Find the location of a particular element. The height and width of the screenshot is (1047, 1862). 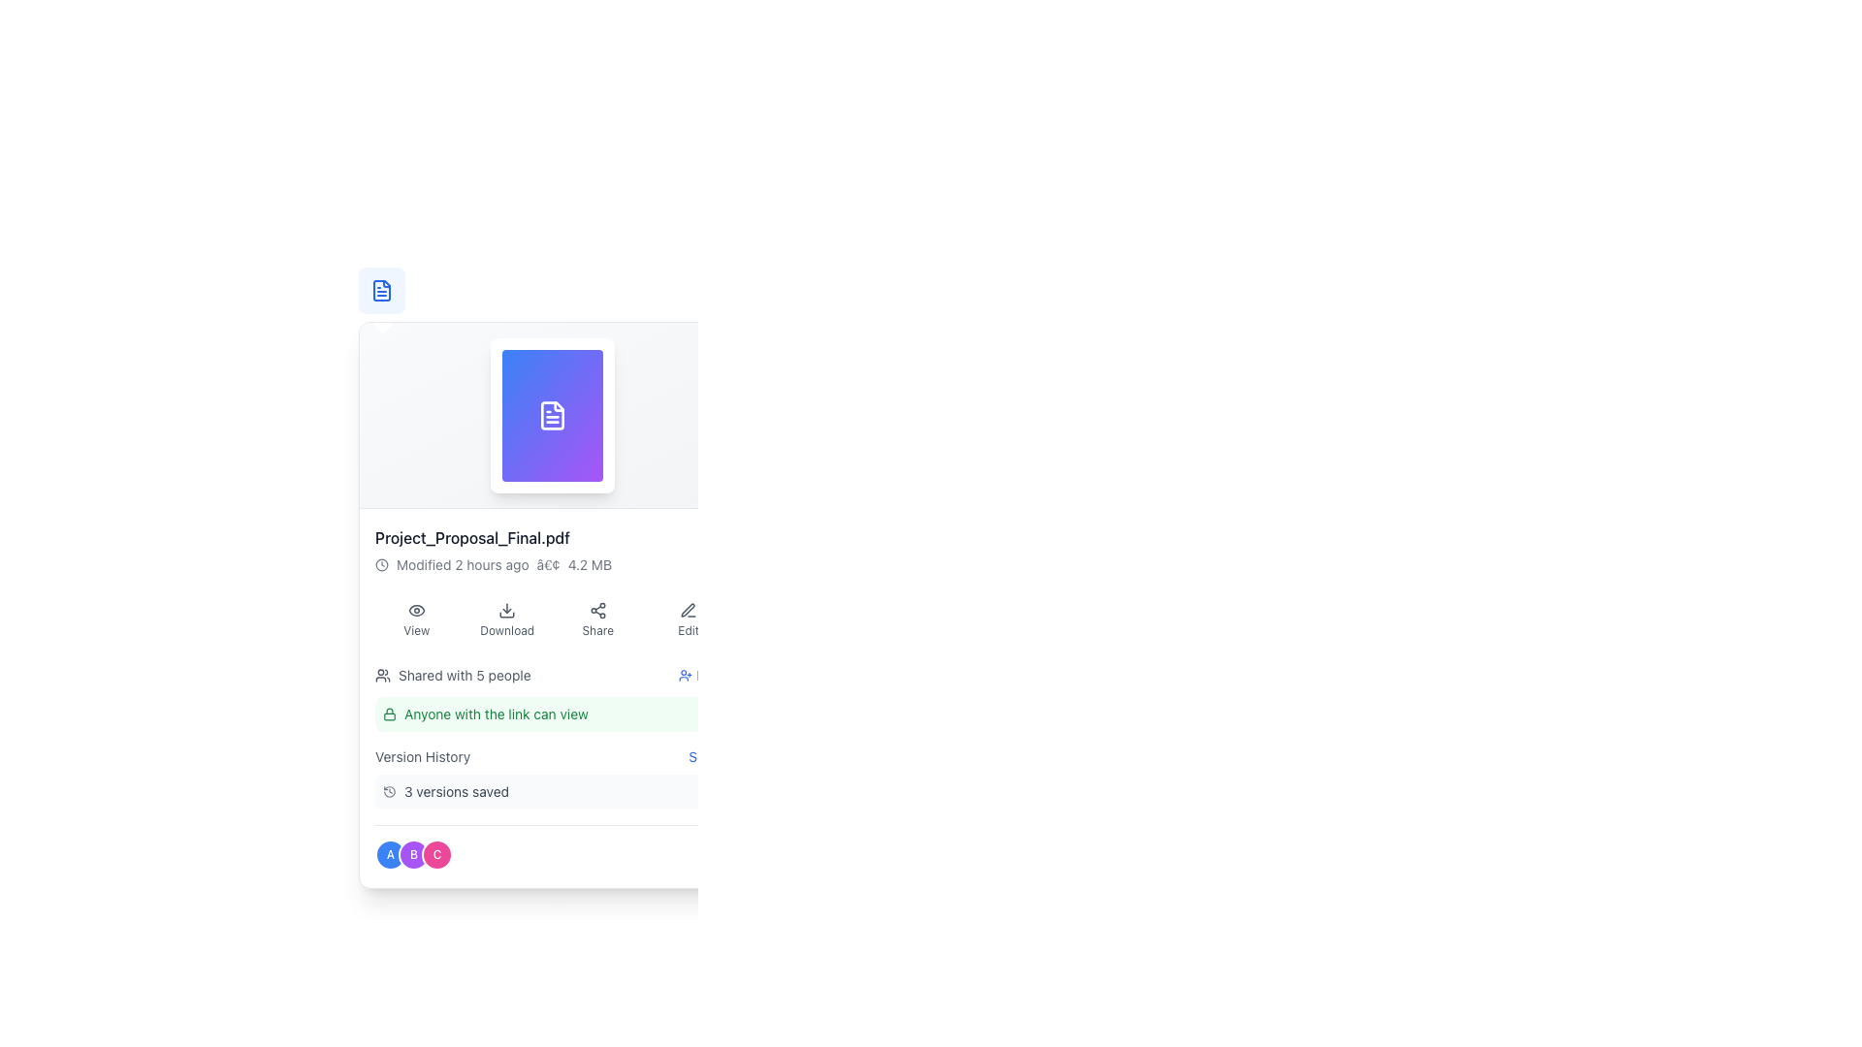

the group icon that visually represents the concept of multiple people, located to the left of the text 'Shared with 5 people' is located at coordinates (382, 675).